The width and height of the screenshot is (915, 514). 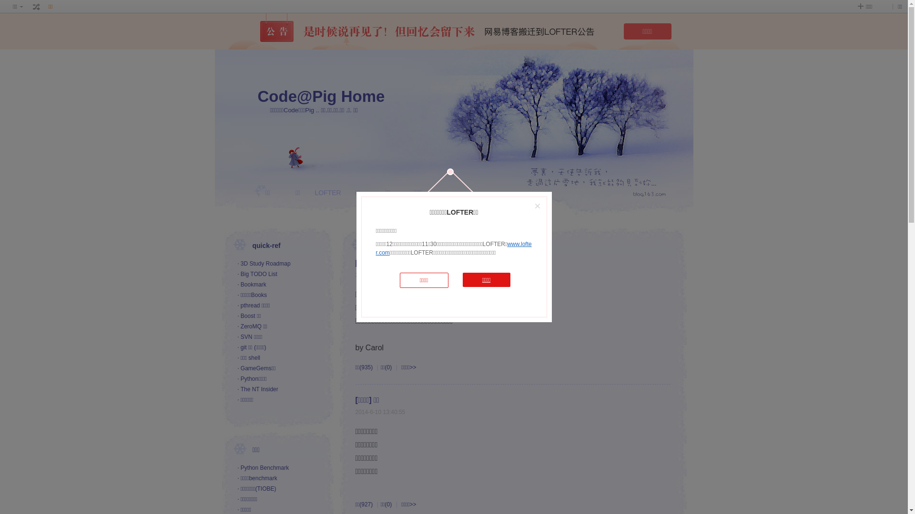 I want to click on ' ', so click(x=36, y=7).